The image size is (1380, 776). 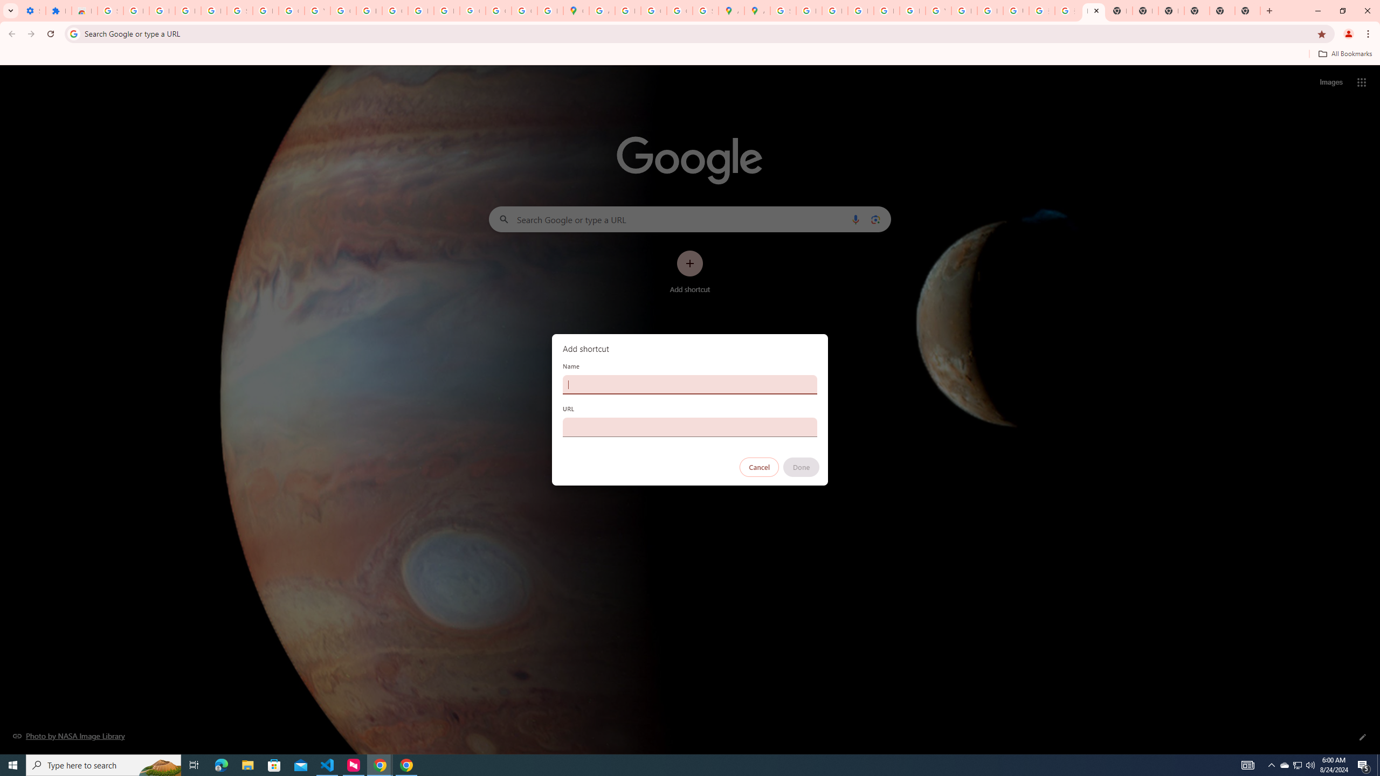 What do you see at coordinates (576, 10) in the screenshot?
I see `'Google Maps'` at bounding box center [576, 10].